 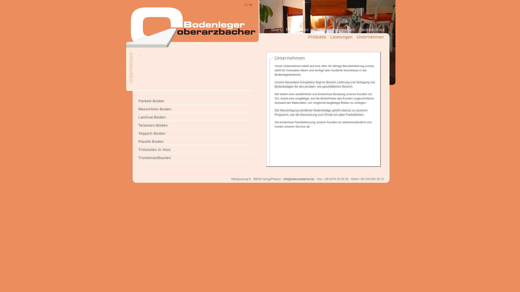 I want to click on 'Plastik-Boden', so click(x=138, y=140).